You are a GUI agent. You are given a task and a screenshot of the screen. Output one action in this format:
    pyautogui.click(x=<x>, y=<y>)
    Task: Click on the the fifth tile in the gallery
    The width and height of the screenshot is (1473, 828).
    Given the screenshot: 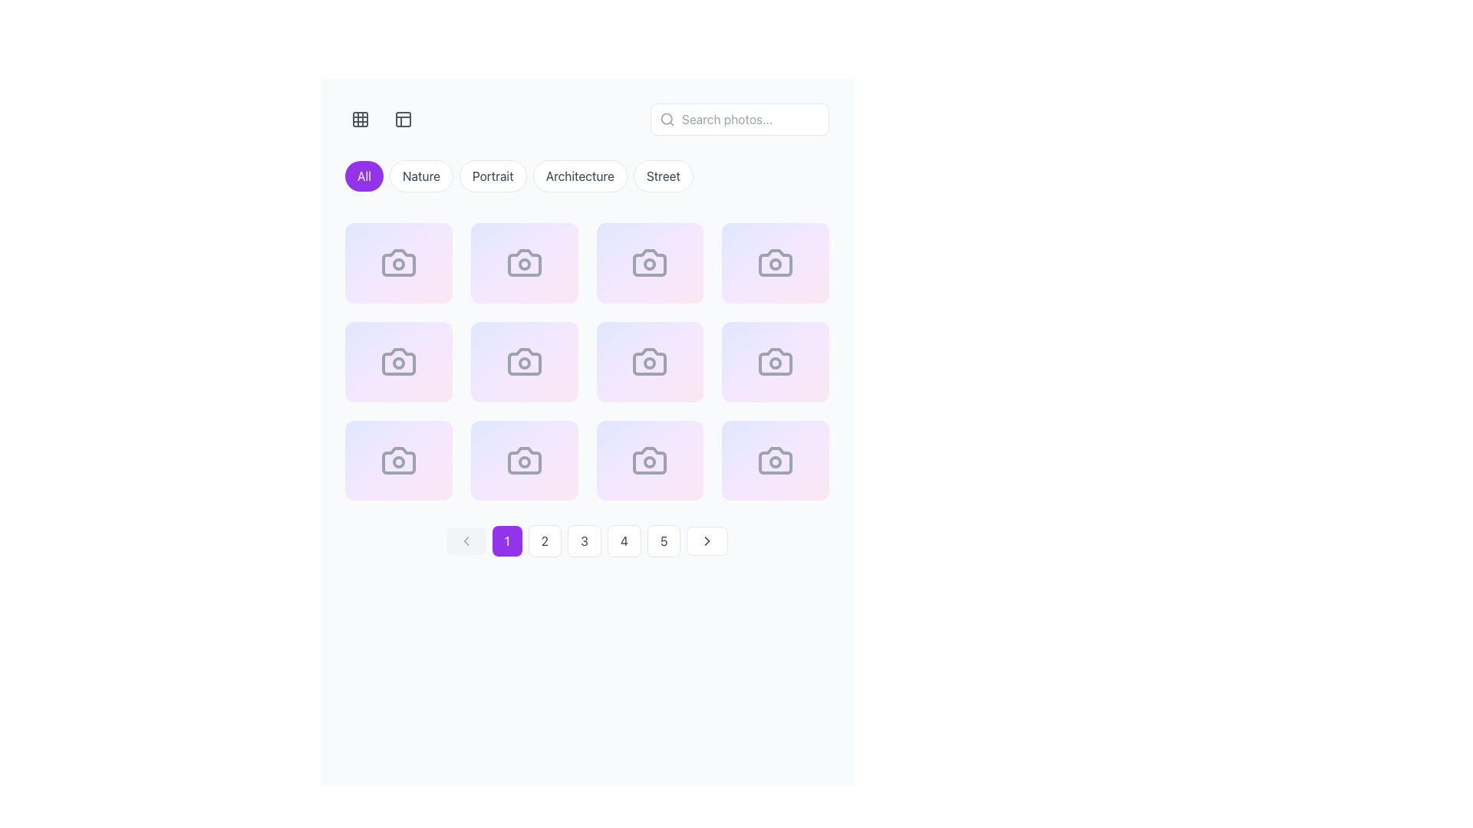 What is the action you would take?
    pyautogui.click(x=398, y=362)
    